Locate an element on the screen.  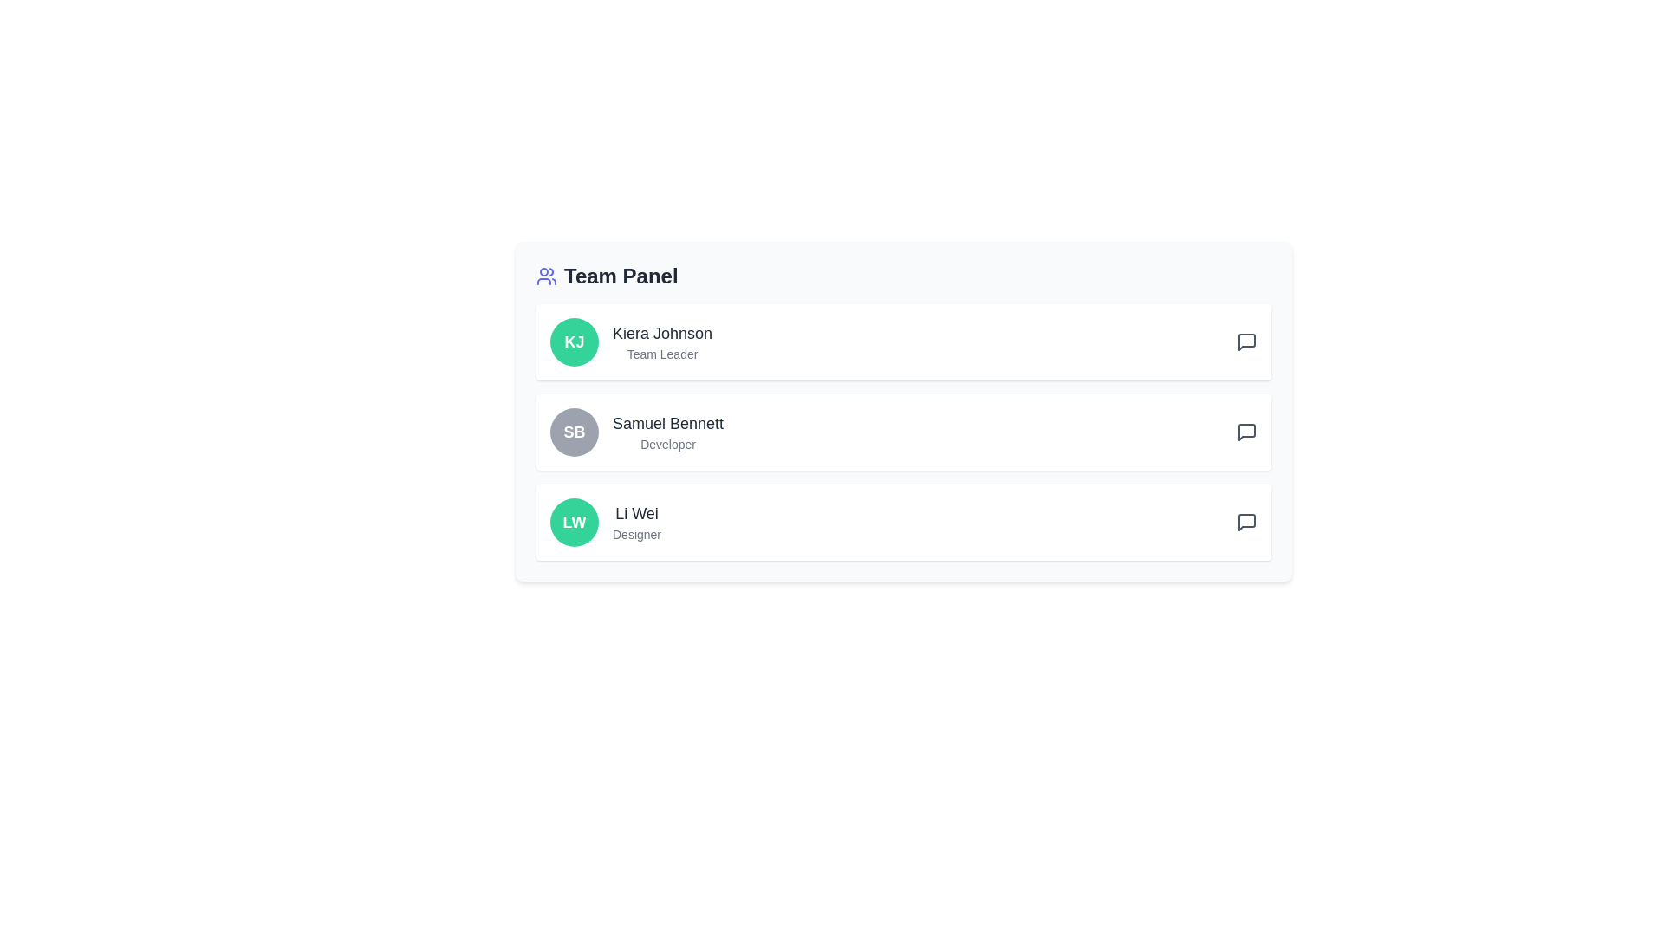
the text label identifying Kiera Johnson as Team Leader, which is positioned horizontally following the circular icon with initials 'KJ' is located at coordinates (661, 341).